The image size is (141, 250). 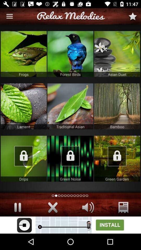 I want to click on banner, so click(x=70, y=225).